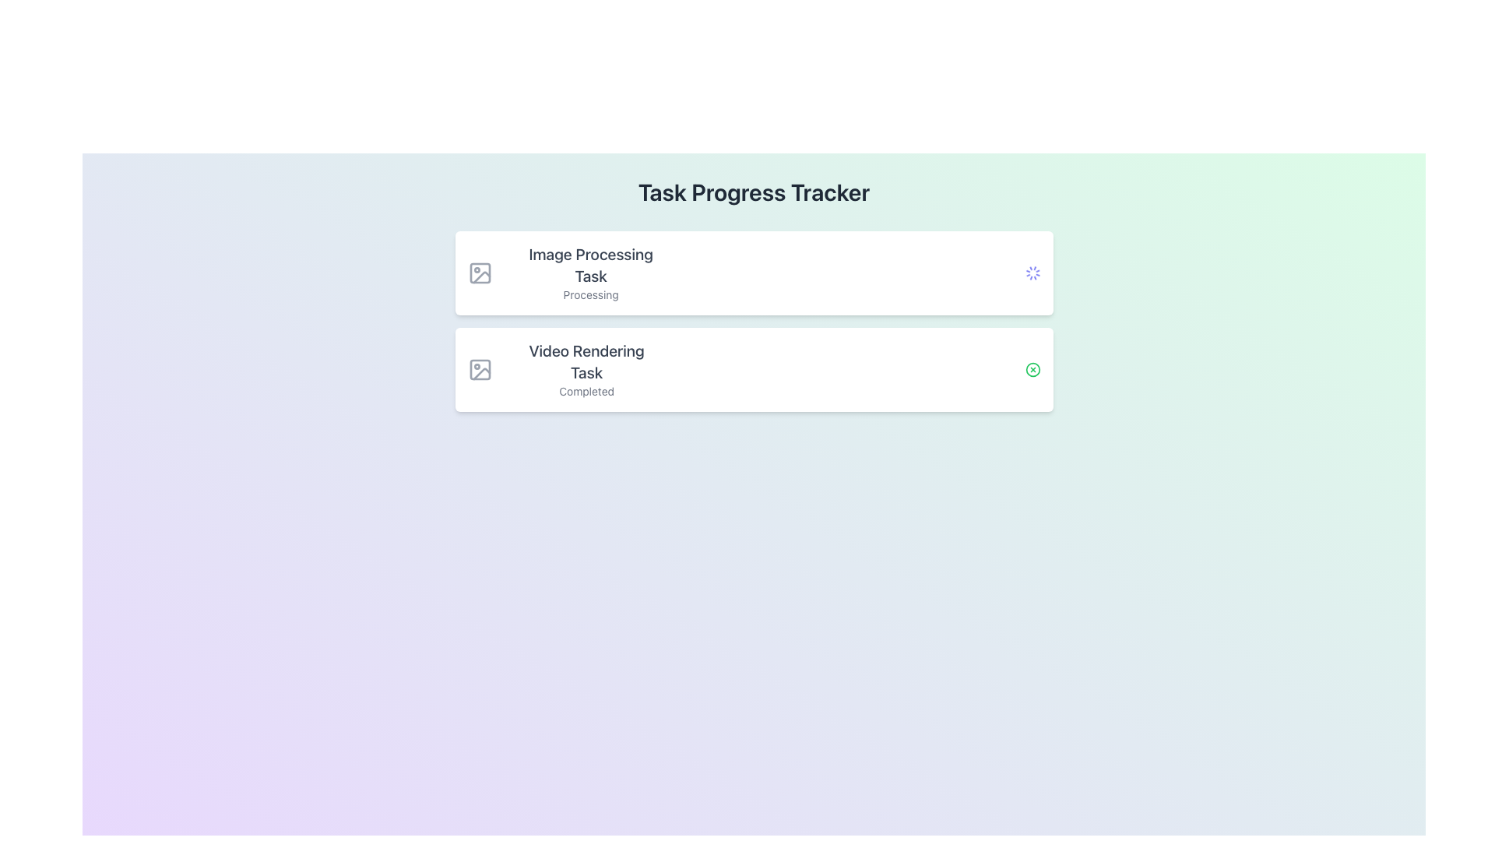 The width and height of the screenshot is (1495, 841). Describe the element at coordinates (479, 273) in the screenshot. I see `the small square decorative graphical element located in the top-left corner of the image icon within the 'Image Processing' task row` at that location.